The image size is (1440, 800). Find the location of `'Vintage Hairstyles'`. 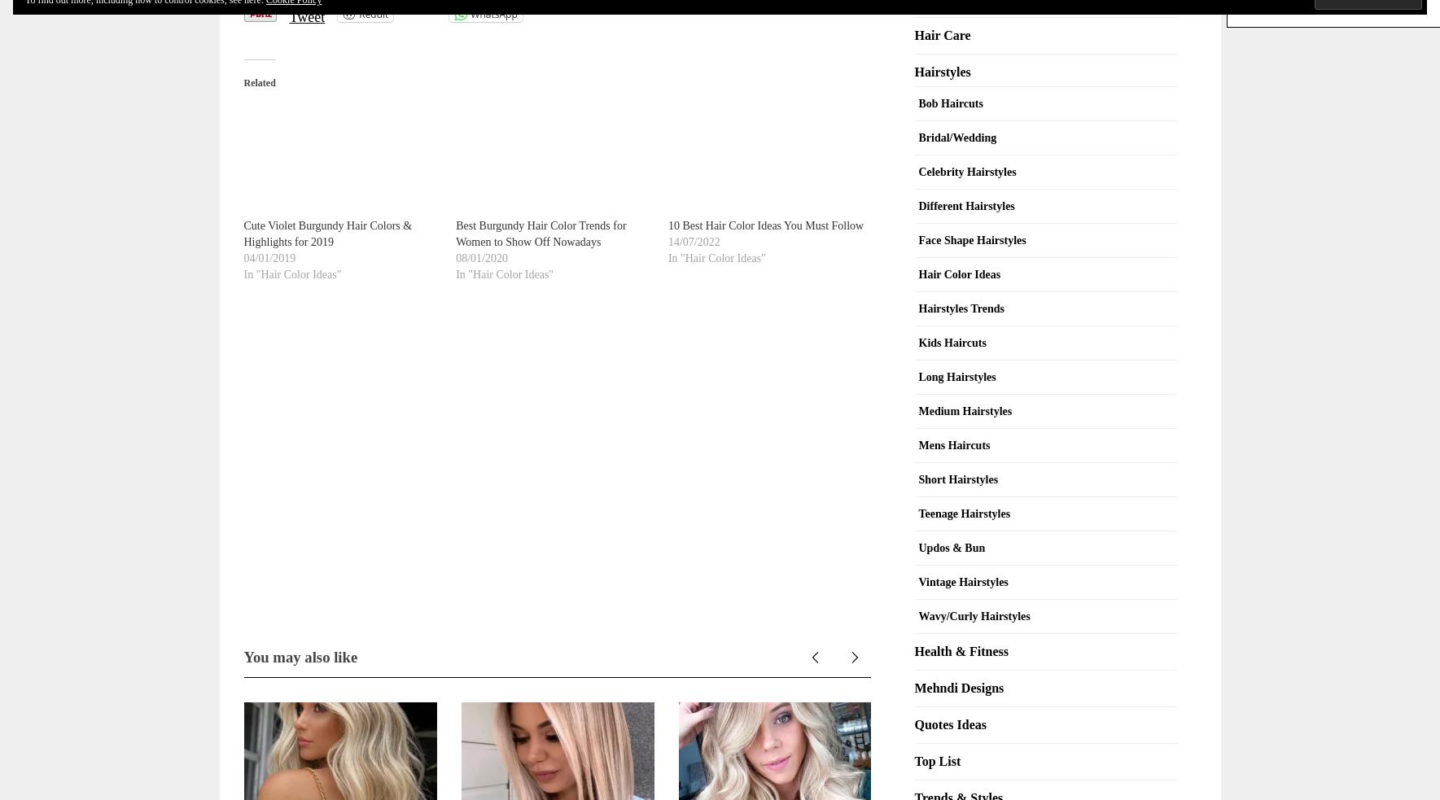

'Vintage Hairstyles' is located at coordinates (961, 580).